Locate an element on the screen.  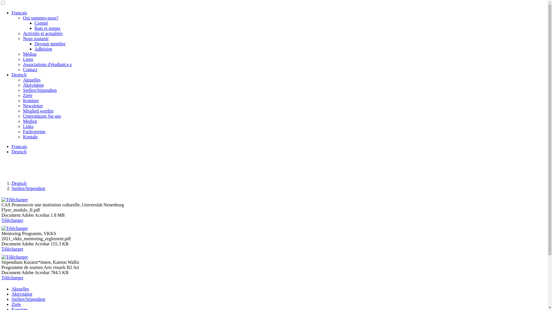
'Buts et statuts' is located at coordinates (34, 28).